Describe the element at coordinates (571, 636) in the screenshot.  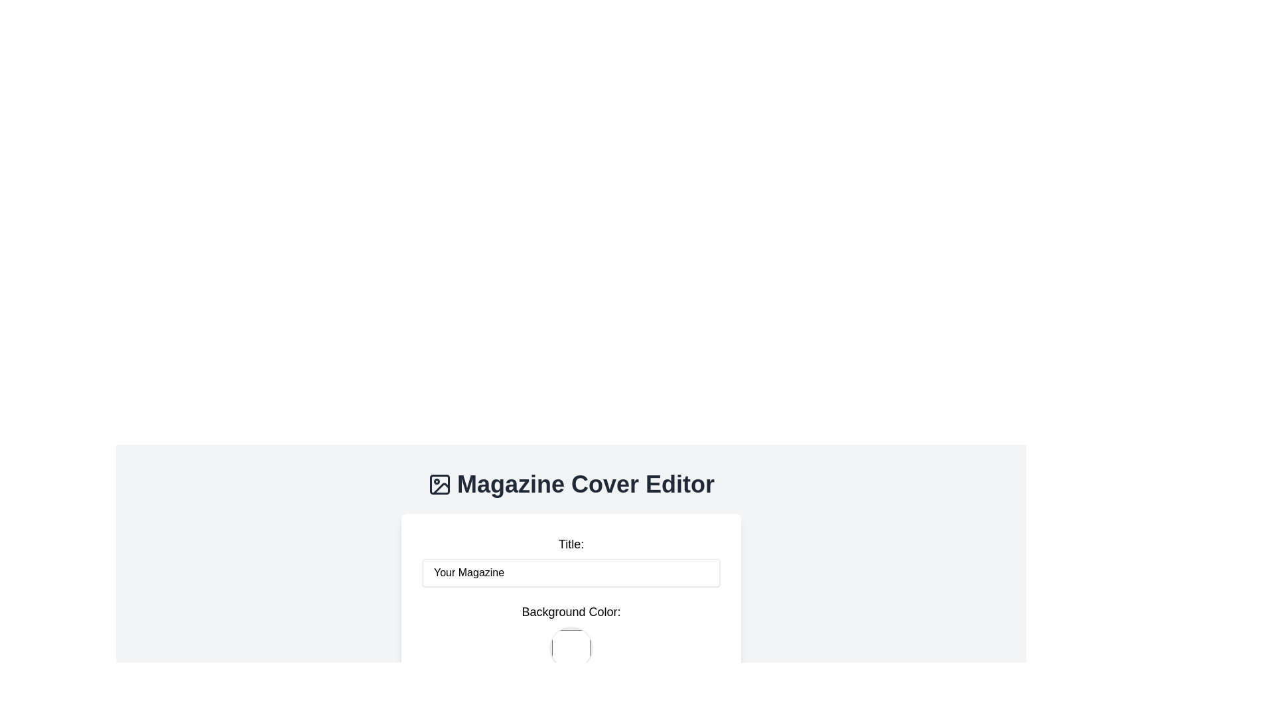
I see `the circular color selection interface of the Color Picker labeled 'Background Color:'` at that location.